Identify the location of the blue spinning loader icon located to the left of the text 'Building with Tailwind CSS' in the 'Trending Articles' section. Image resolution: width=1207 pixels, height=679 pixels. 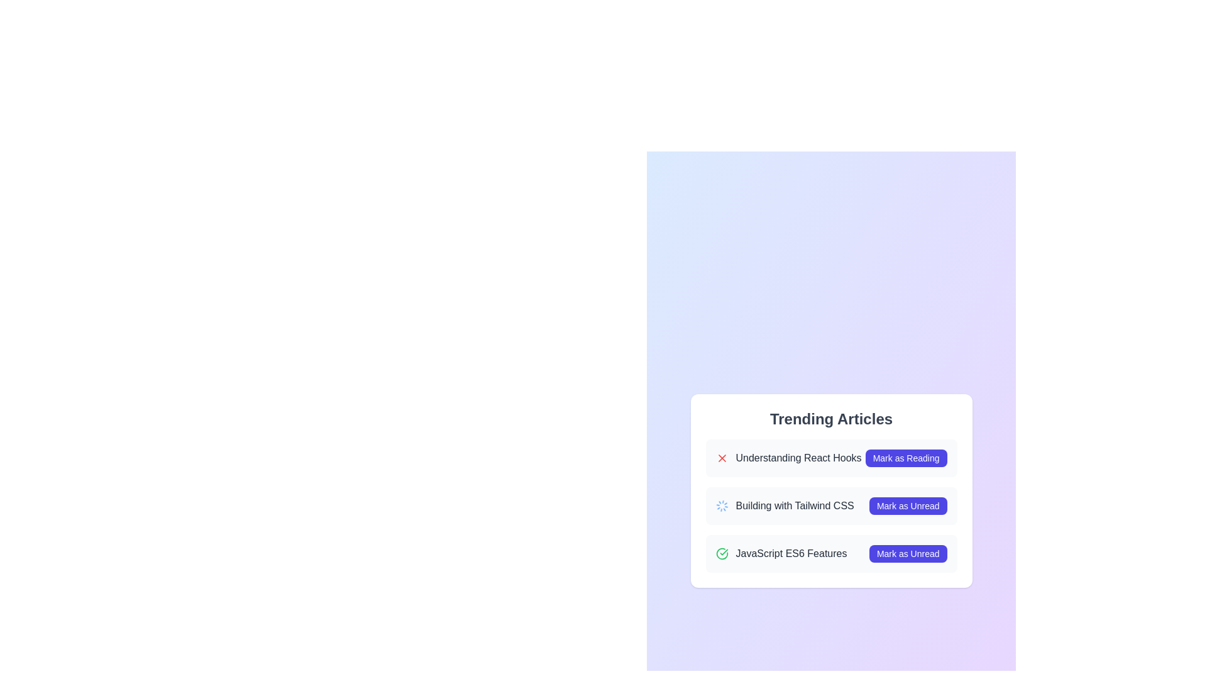
(722, 505).